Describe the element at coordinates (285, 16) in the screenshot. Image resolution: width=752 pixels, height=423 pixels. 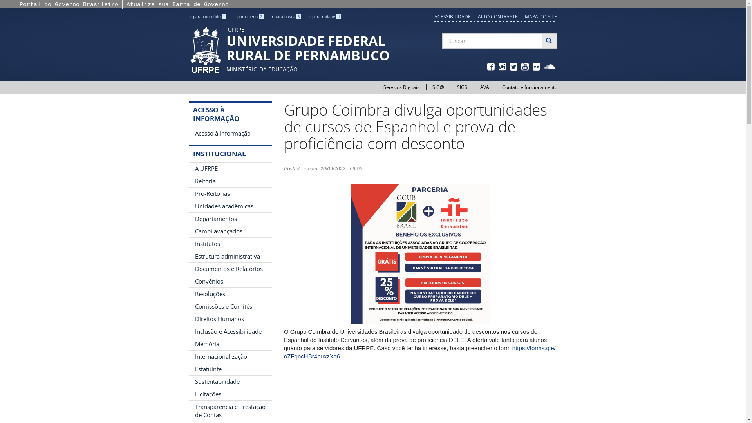
I see `'Ir para busca 3'` at that location.